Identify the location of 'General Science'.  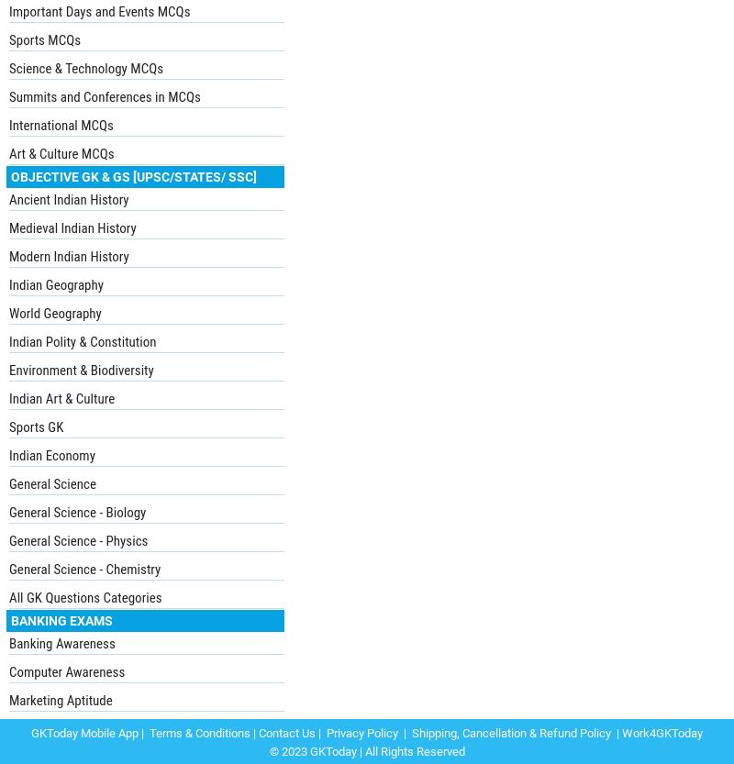
(51, 483).